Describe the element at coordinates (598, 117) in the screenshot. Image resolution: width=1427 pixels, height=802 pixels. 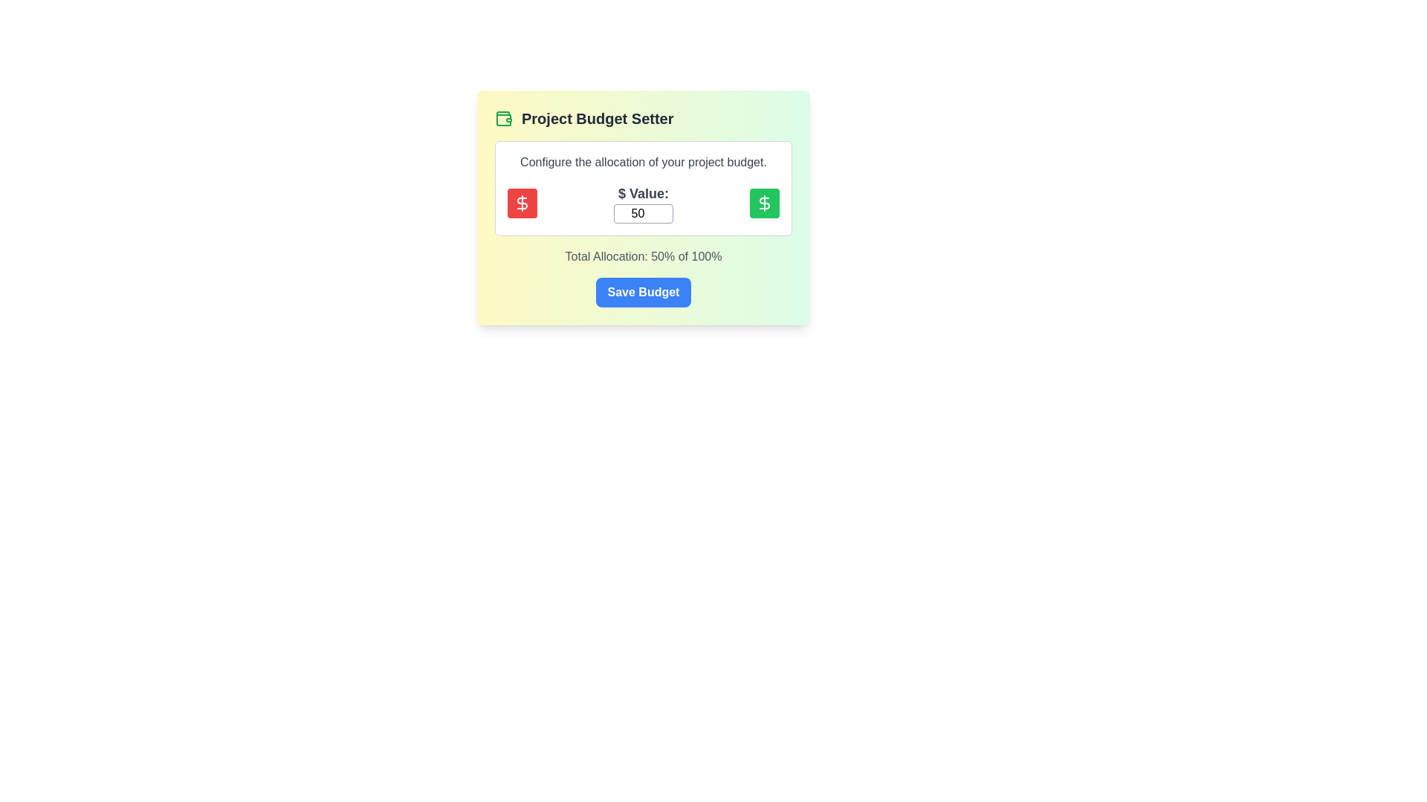
I see `text of the prominent header or title for the budget management section, which is located to the right of the wallet icon in the top portion of the card` at that location.